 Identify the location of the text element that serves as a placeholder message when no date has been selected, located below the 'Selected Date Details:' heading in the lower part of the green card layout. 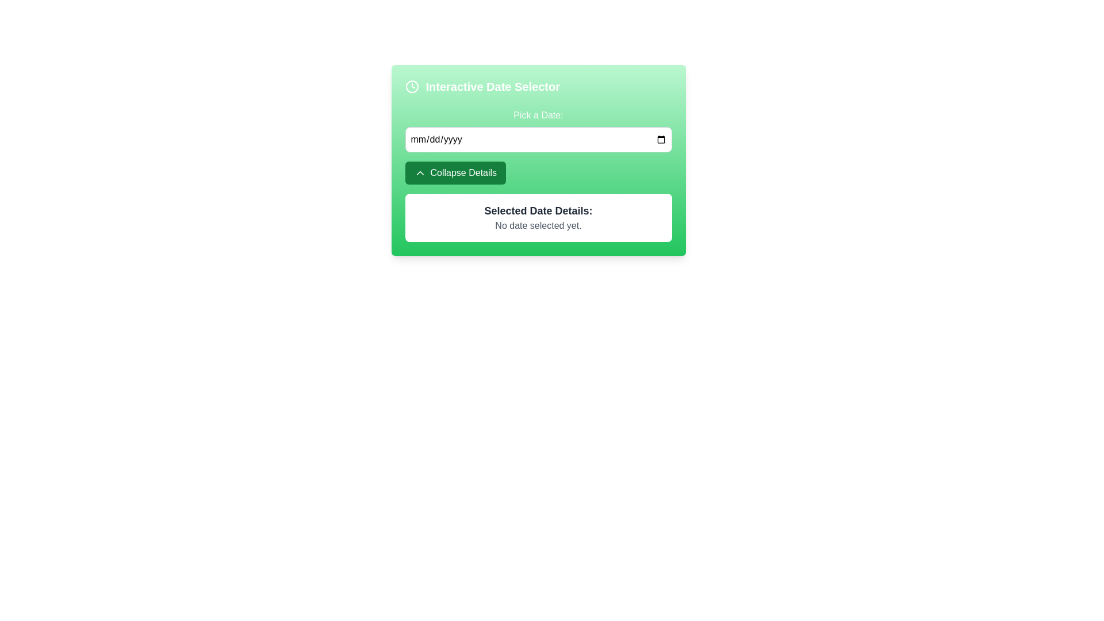
(538, 226).